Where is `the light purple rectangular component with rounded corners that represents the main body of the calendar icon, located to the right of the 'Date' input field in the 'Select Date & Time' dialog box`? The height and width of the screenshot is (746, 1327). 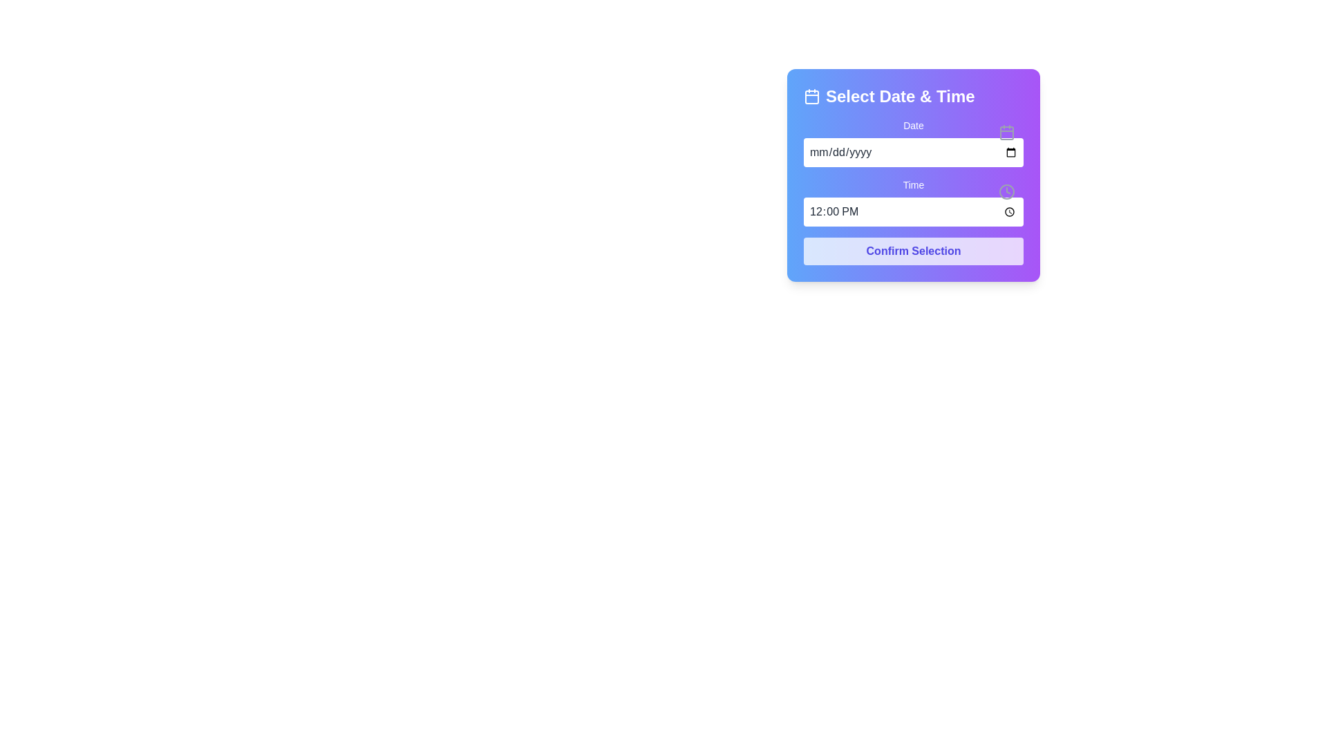 the light purple rectangular component with rounded corners that represents the main body of the calendar icon, located to the right of the 'Date' input field in the 'Select Date & Time' dialog box is located at coordinates (1007, 133).